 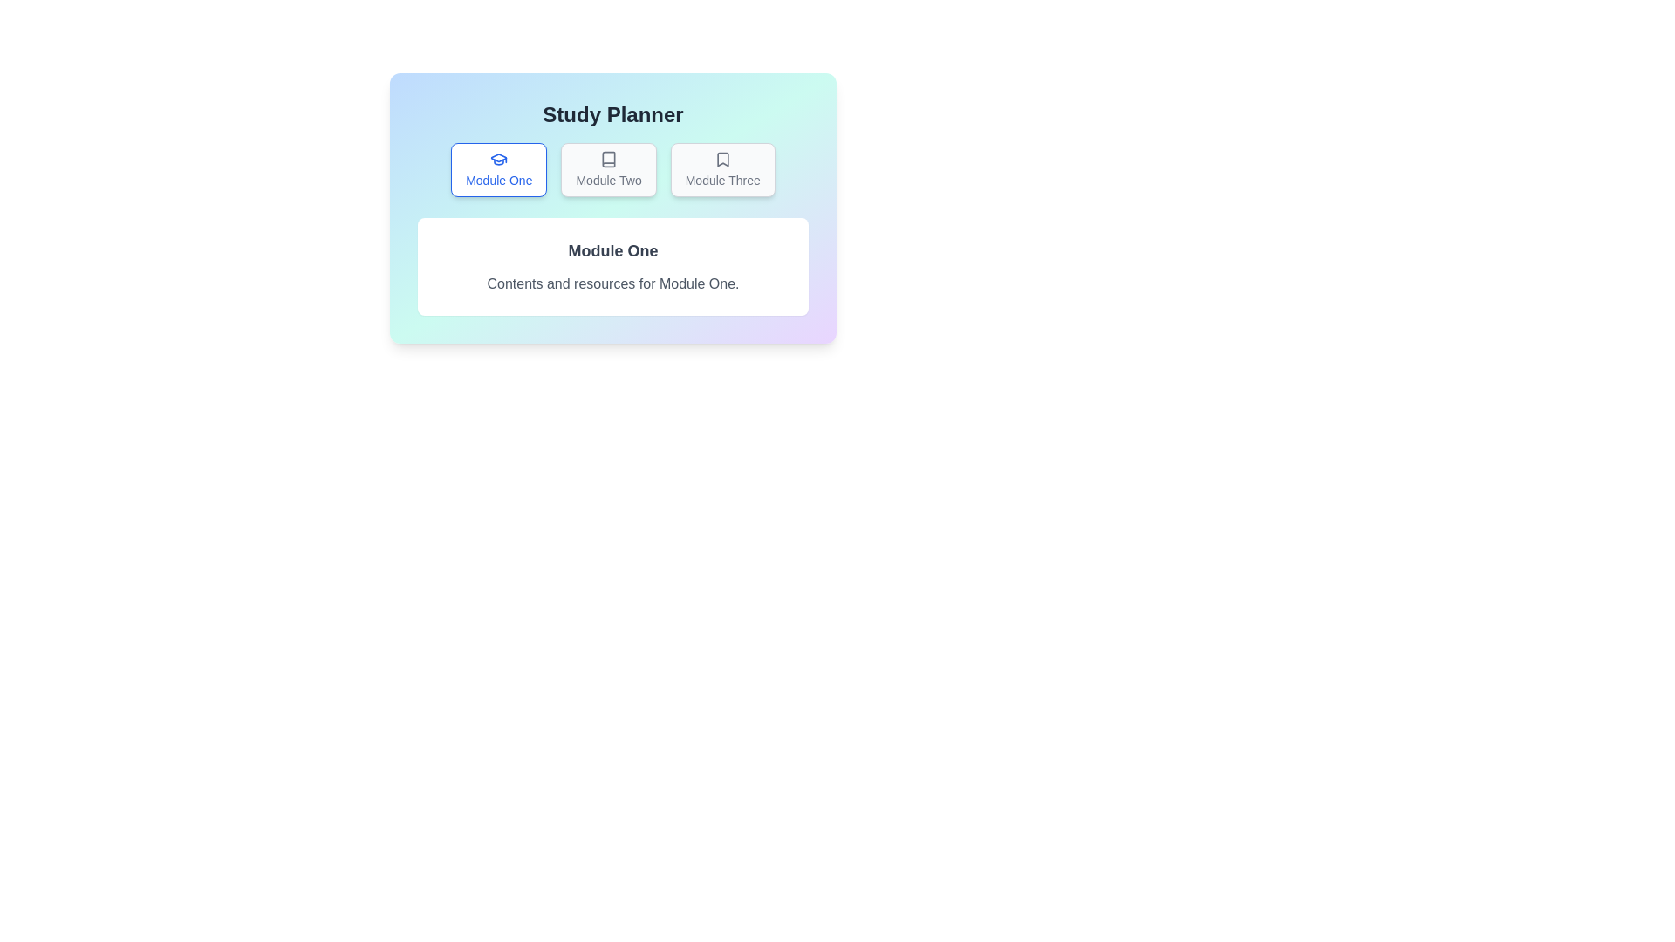 What do you see at coordinates (722, 170) in the screenshot?
I see `the tab corresponding to Module Three` at bounding box center [722, 170].